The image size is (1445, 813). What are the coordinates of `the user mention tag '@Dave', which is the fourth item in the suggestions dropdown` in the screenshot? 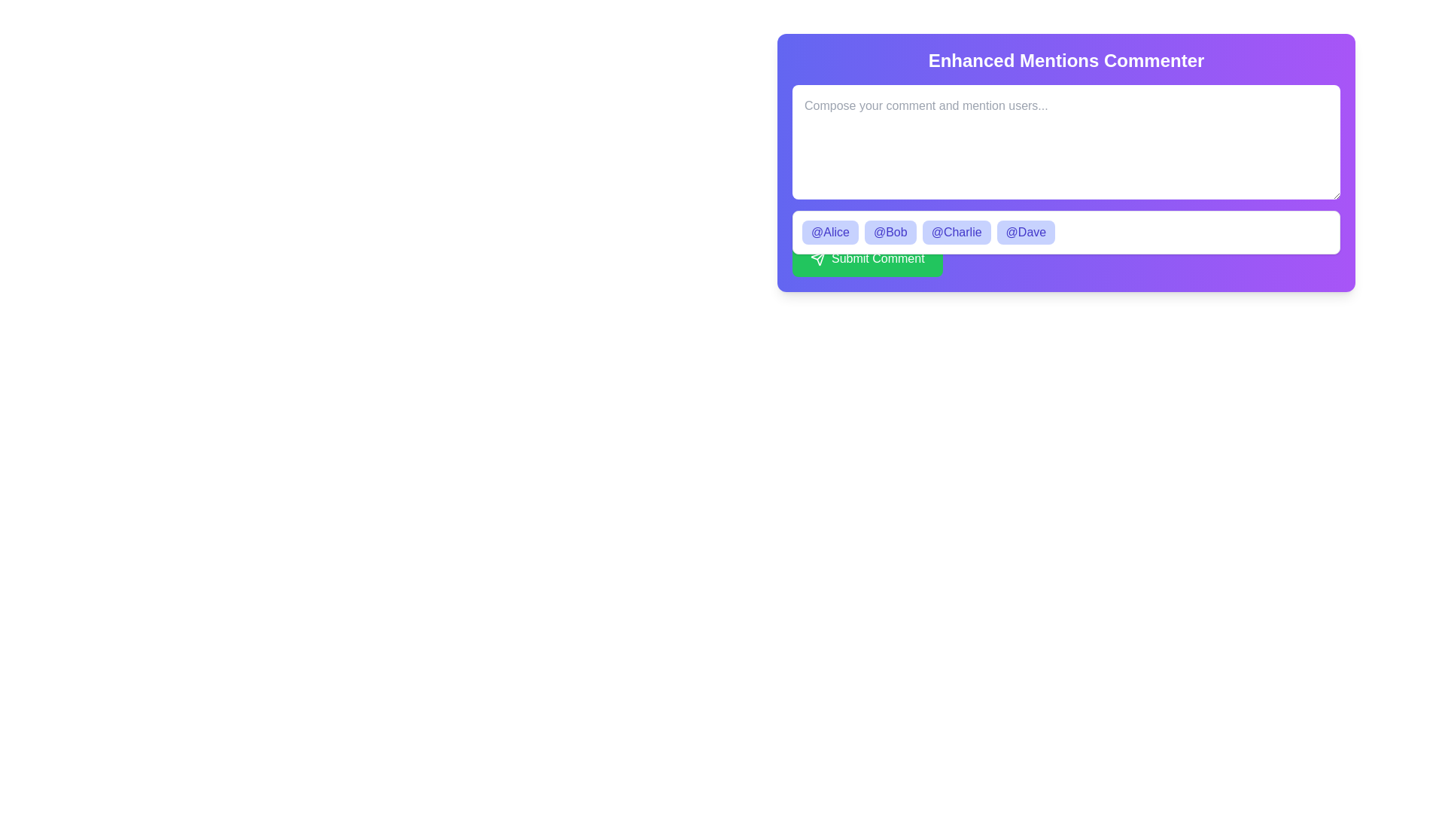 It's located at (1025, 232).